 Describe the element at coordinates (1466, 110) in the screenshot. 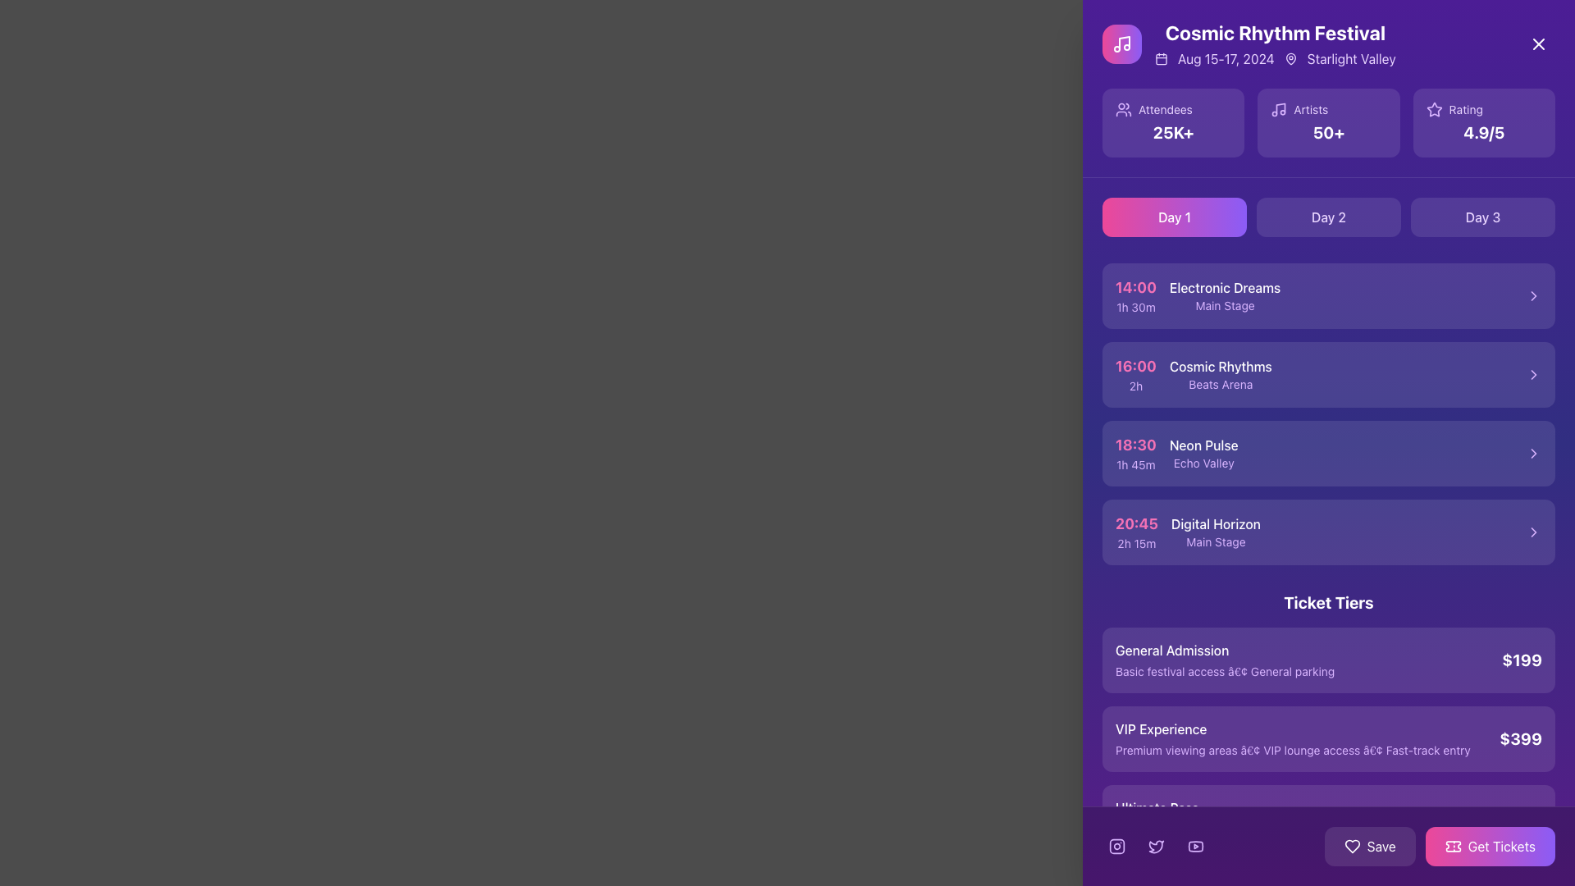

I see `the Text label that describes the purpose of the associated star icon and rating number, located near the top-right corner of the interface` at that location.